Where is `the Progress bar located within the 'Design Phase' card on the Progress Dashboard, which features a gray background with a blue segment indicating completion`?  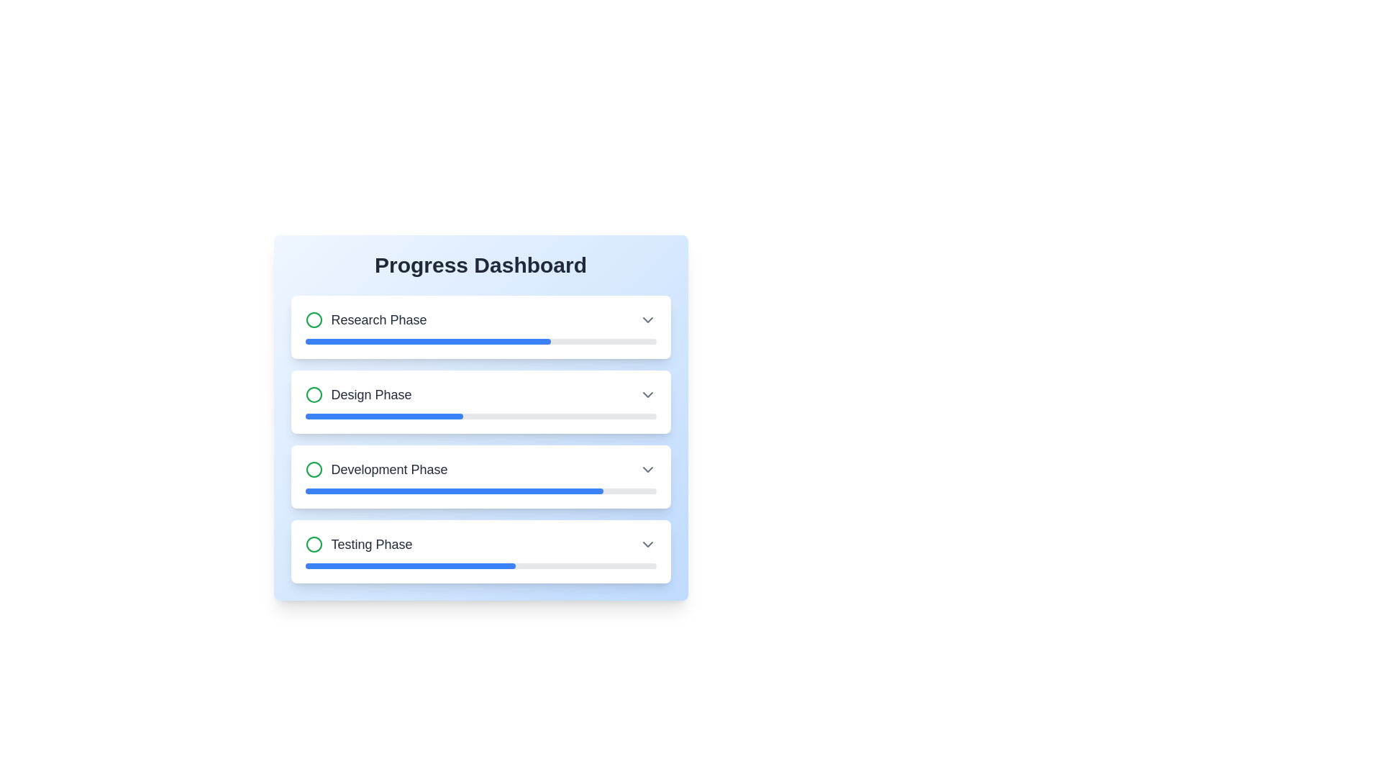
the Progress bar located within the 'Design Phase' card on the Progress Dashboard, which features a gray background with a blue segment indicating completion is located at coordinates (480, 416).